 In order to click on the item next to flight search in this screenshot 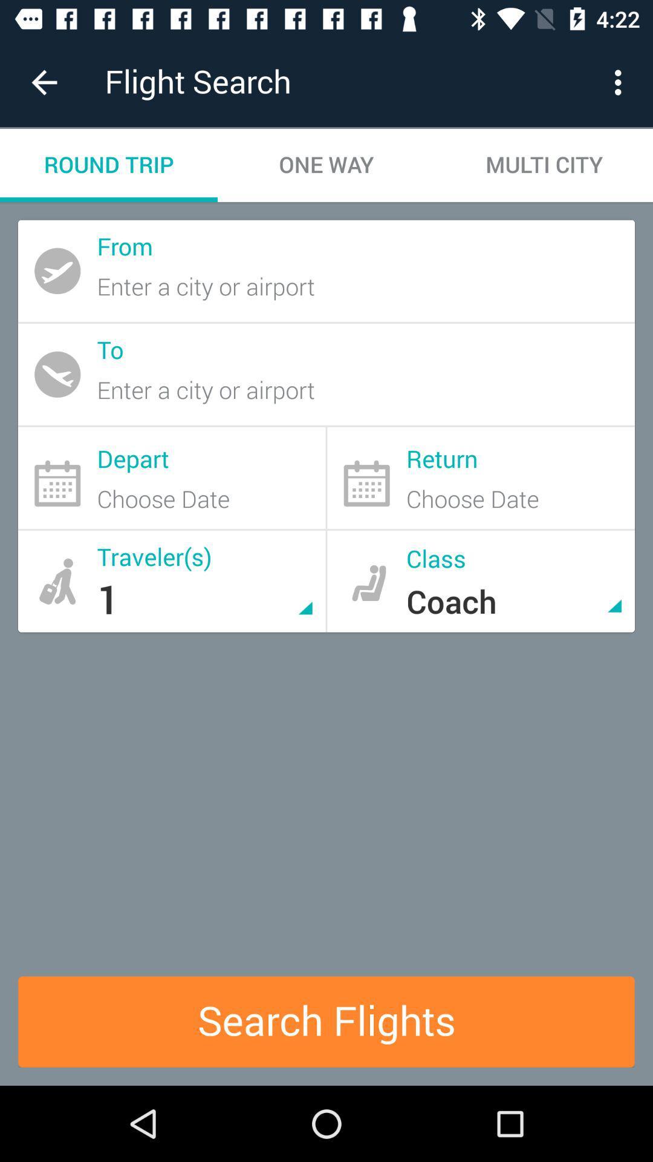, I will do `click(44, 82)`.